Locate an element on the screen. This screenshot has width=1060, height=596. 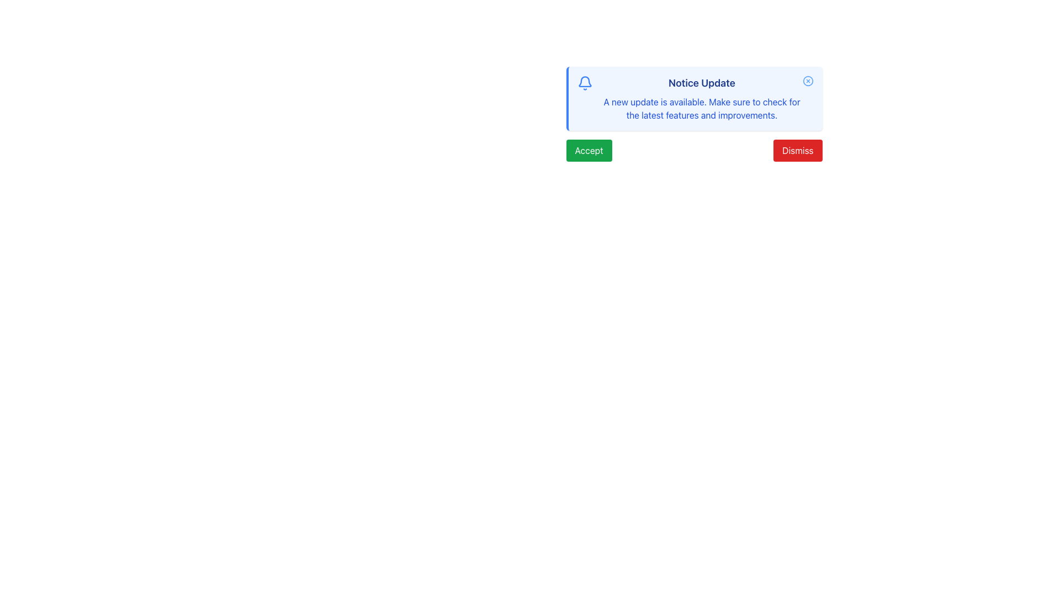
the 'Accept' button, which is a rectangular button with white text on a green background, located below a blue notice panel is located at coordinates (588, 151).